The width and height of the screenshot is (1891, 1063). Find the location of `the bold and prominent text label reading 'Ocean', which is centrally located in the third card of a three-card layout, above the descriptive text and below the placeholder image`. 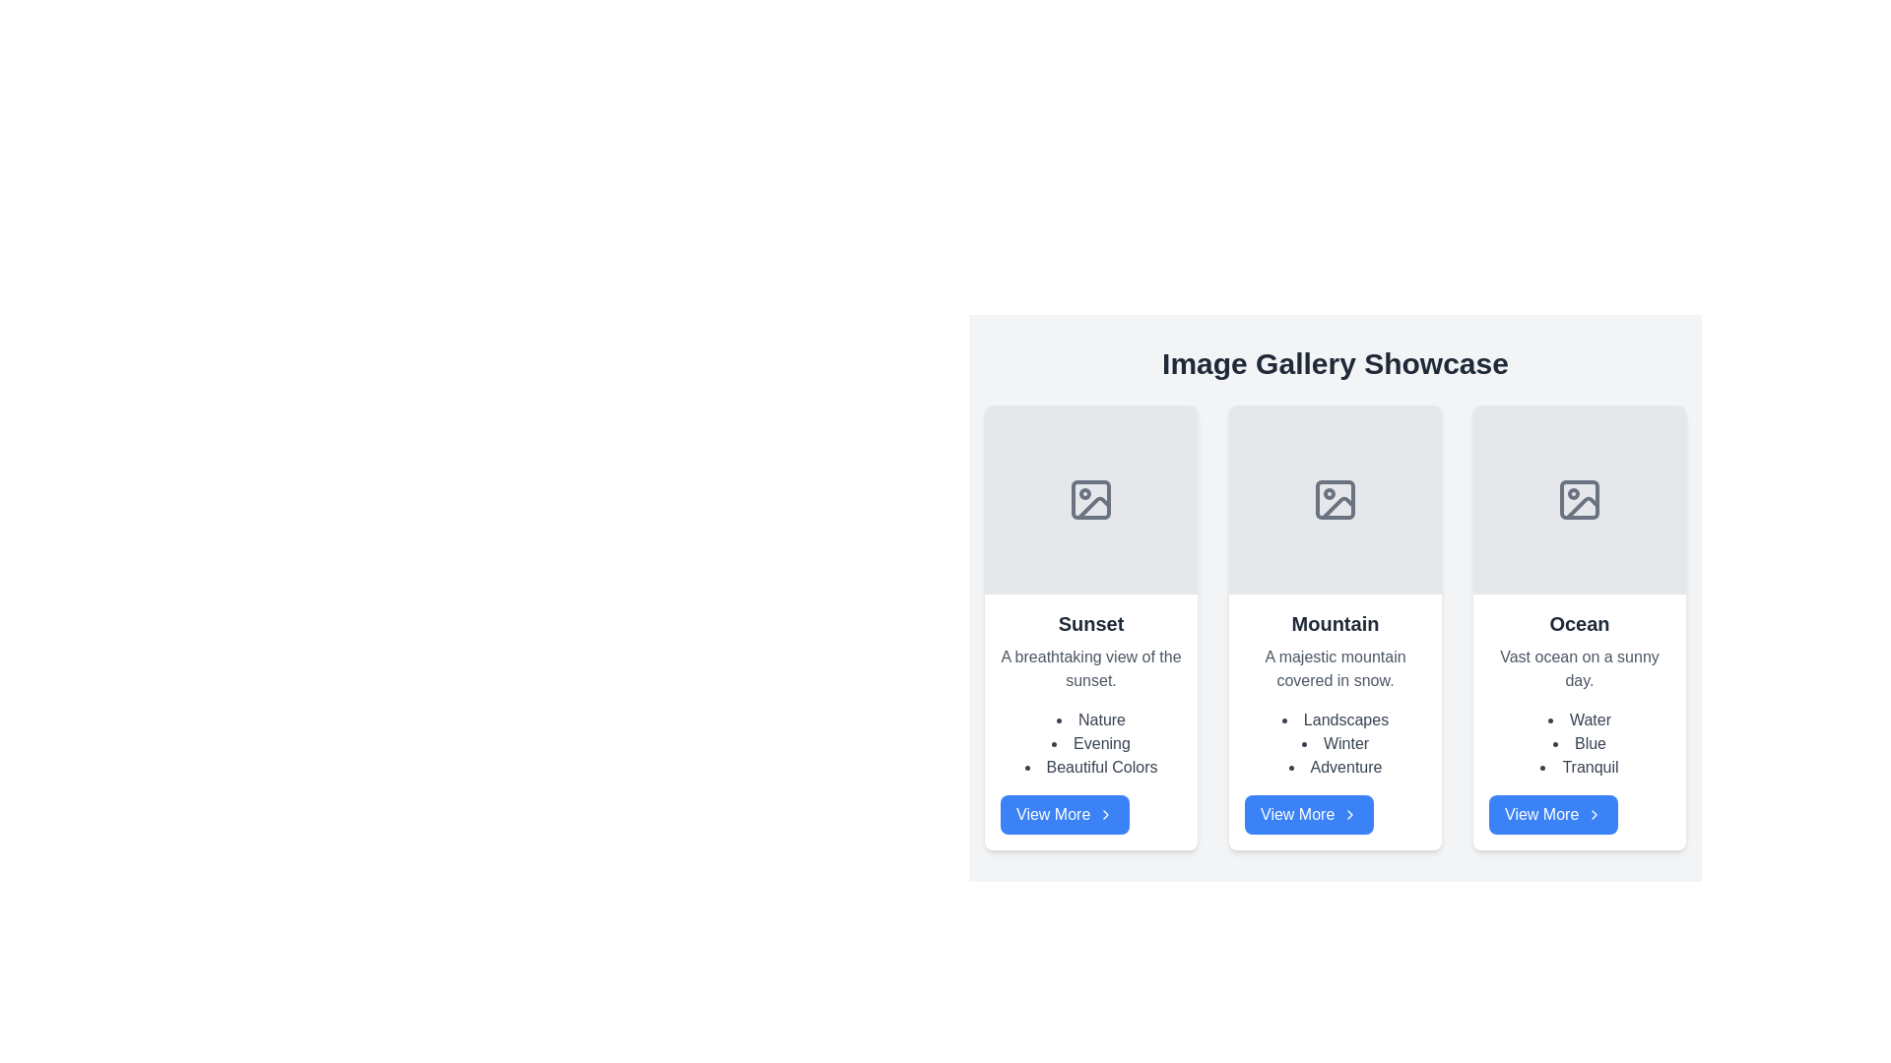

the bold and prominent text label reading 'Ocean', which is centrally located in the third card of a three-card layout, above the descriptive text and below the placeholder image is located at coordinates (1579, 623).